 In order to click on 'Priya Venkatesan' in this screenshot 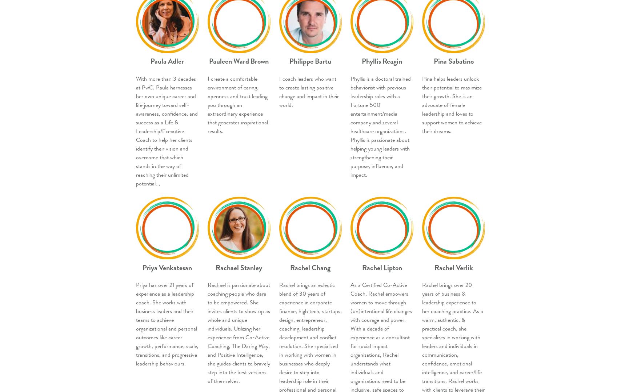, I will do `click(167, 267)`.